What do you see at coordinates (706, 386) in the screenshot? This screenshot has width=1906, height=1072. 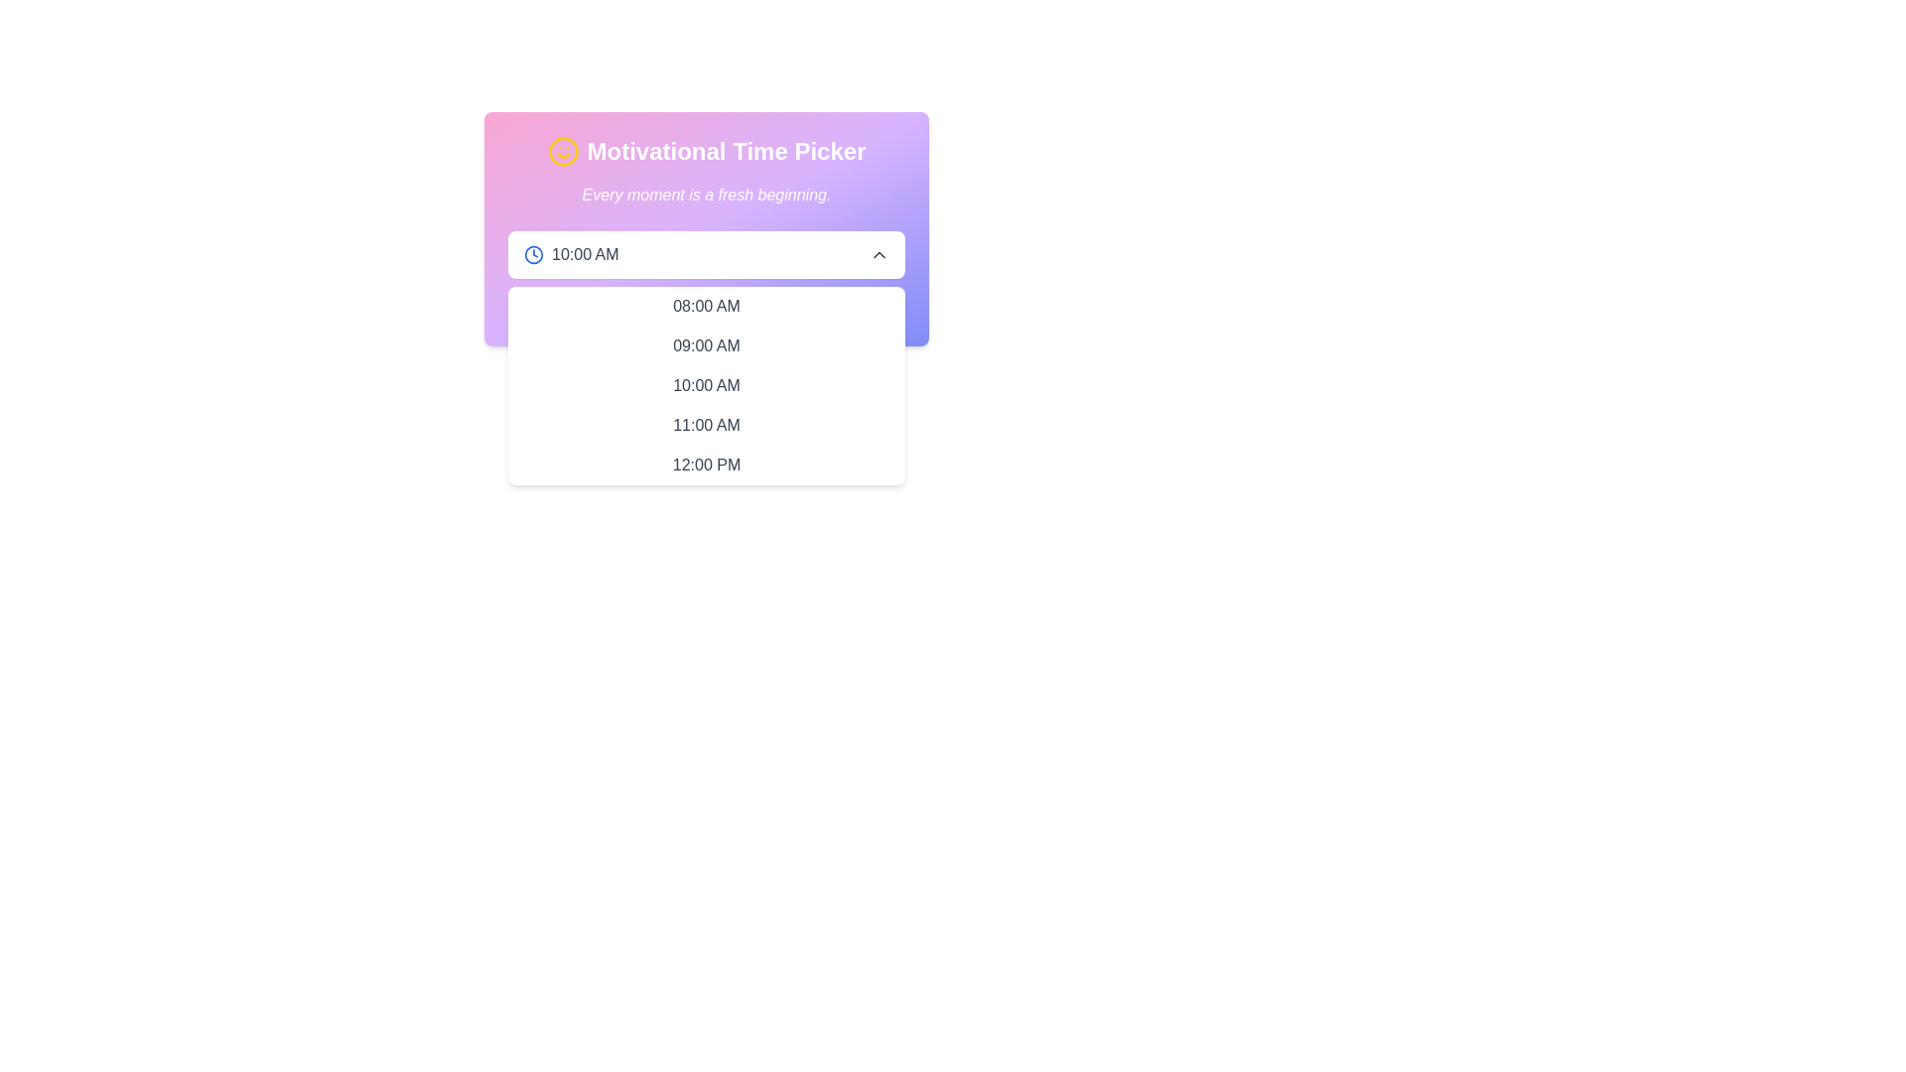 I see `the time option in the Dropdown menu located below the '10:00 AM' time input field in the 'Motivational Time Picker' interface` at bounding box center [706, 386].